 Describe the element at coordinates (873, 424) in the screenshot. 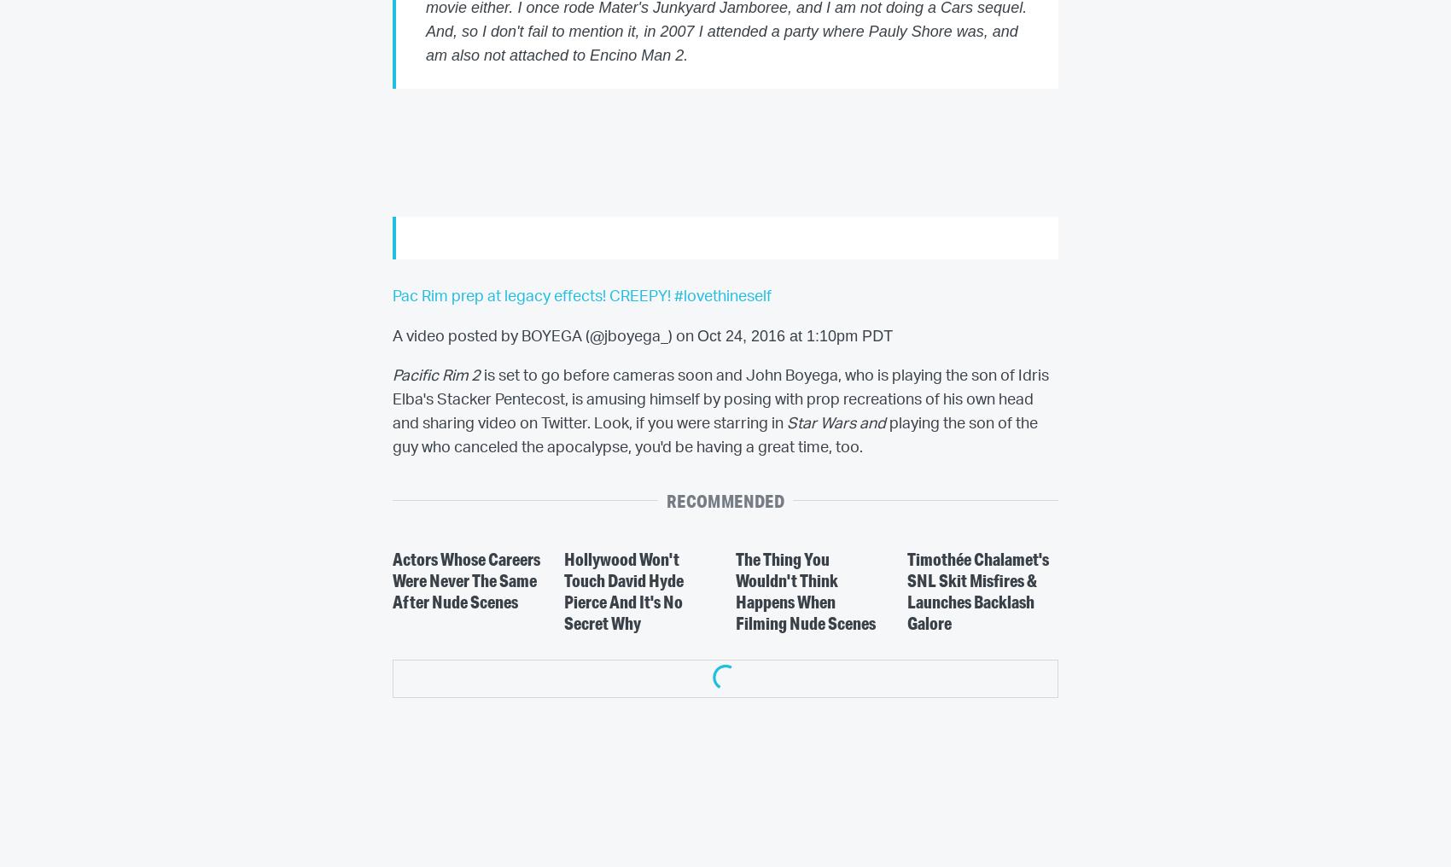

I see `'and'` at that location.